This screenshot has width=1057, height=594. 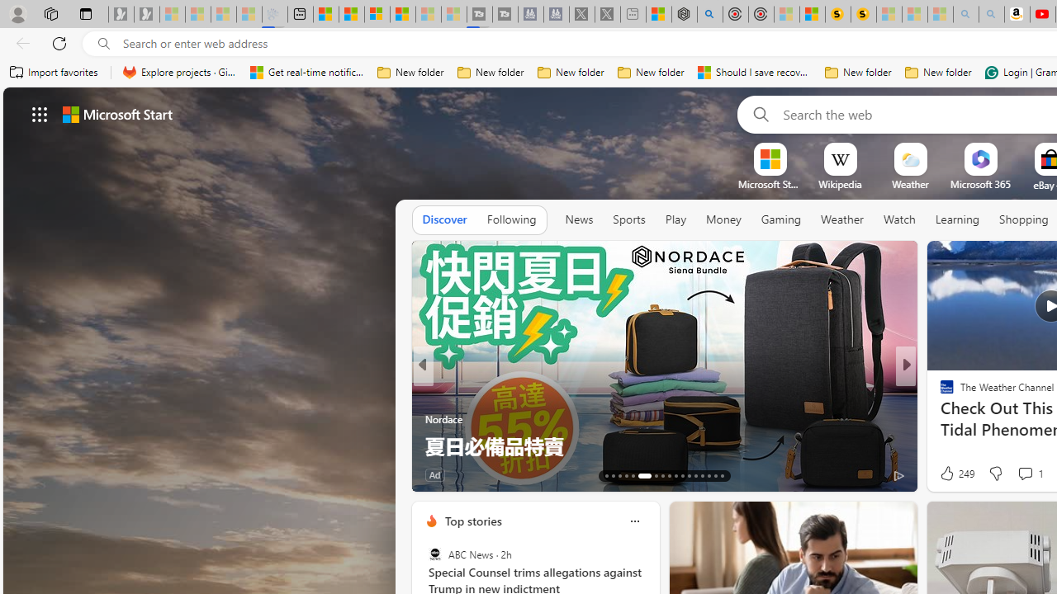 I want to click on 'Learning', so click(x=957, y=219).